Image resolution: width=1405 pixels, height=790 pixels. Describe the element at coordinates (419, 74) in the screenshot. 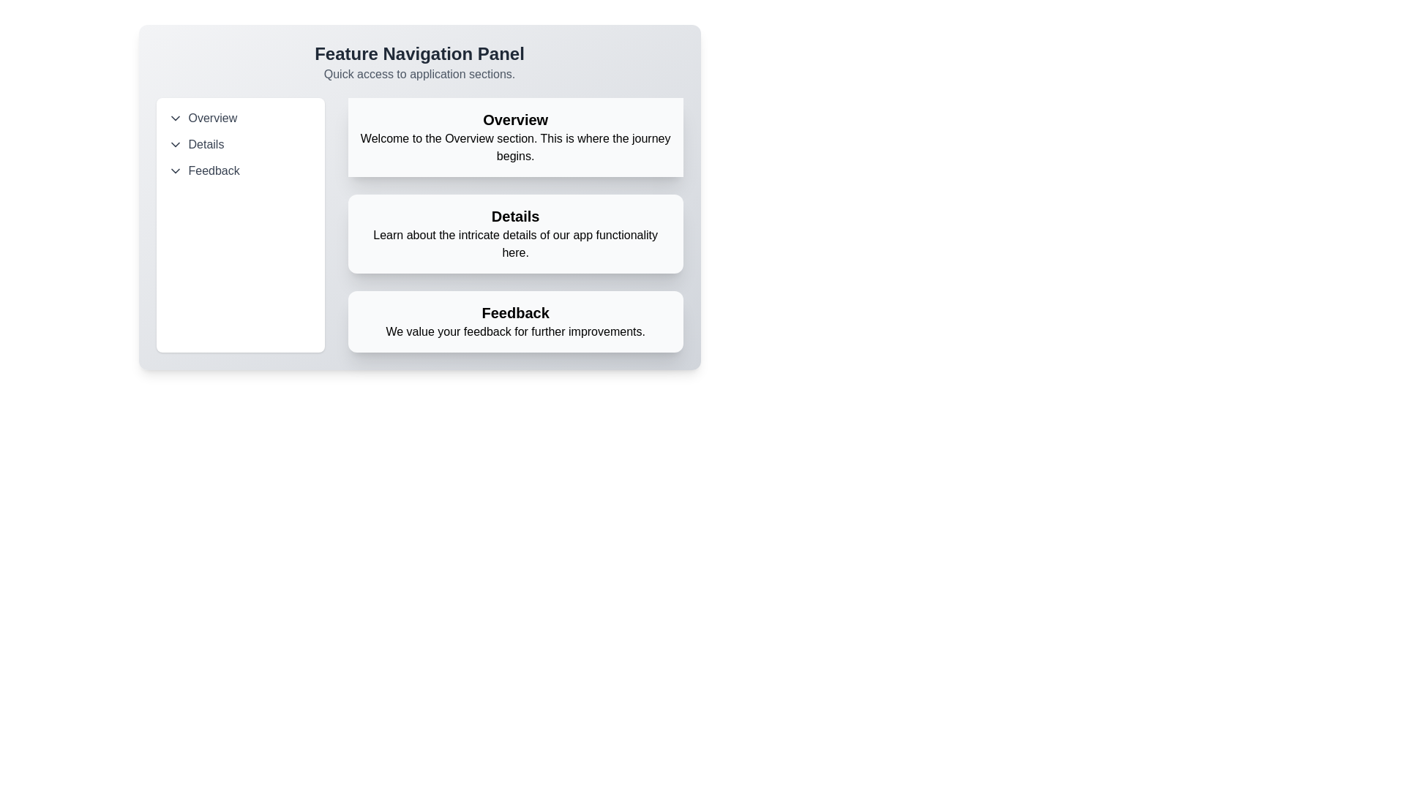

I see `the static textual label located immediately below the title 'Feature Navigation Panel', which serves to enhance user understanding of the interface` at that location.